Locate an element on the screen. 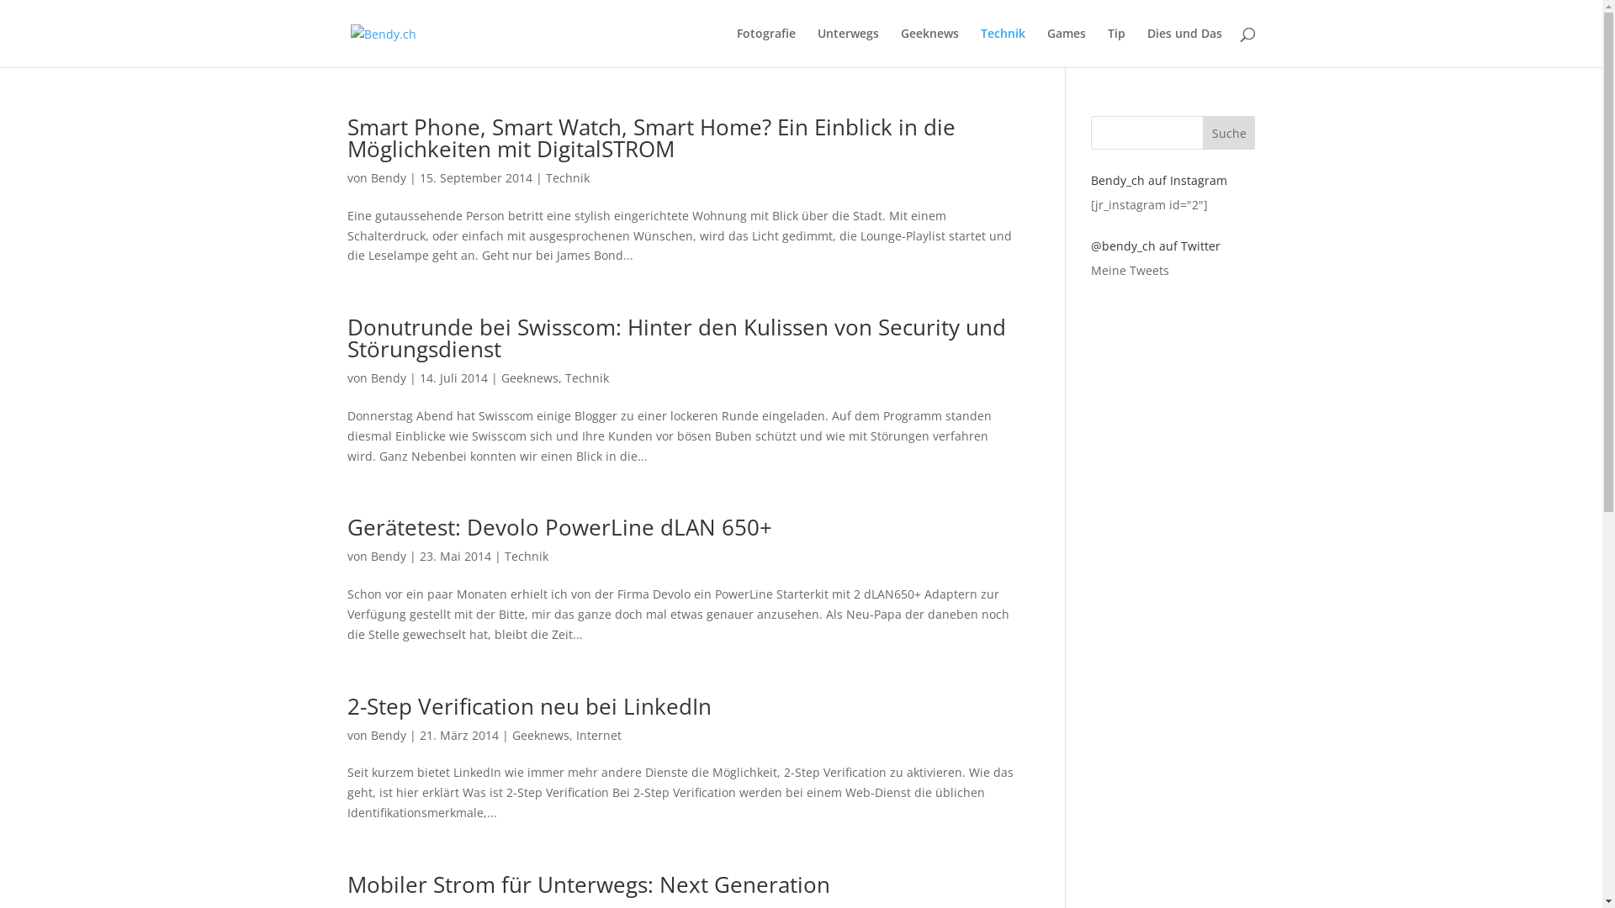 This screenshot has width=1615, height=908. 'Bendy' is located at coordinates (386, 177).